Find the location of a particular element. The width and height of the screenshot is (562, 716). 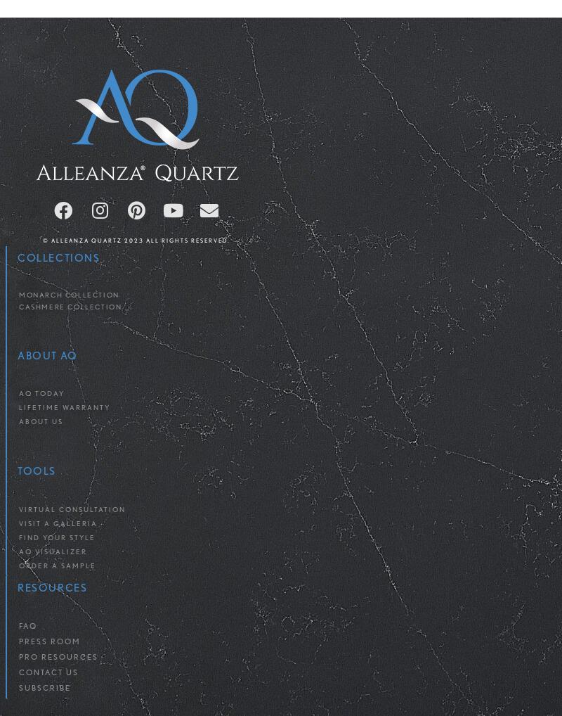

'VIRTUAL CONSULTATION' is located at coordinates (72, 507).